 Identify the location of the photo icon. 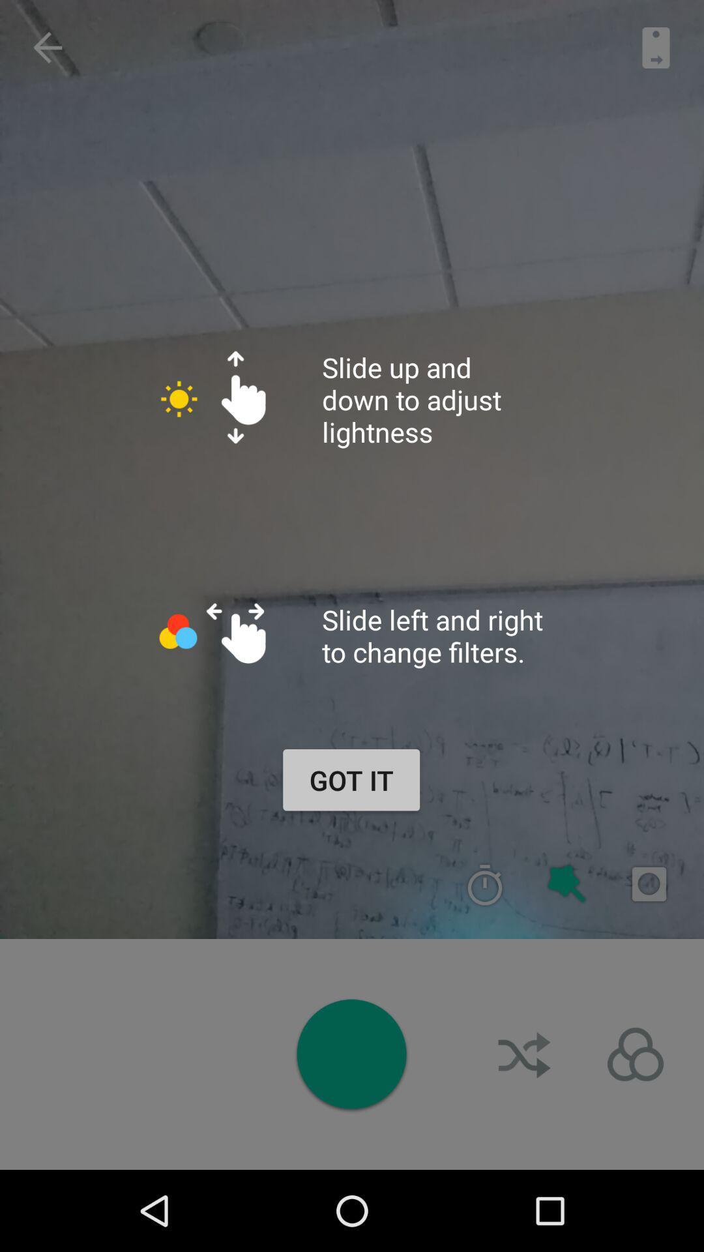
(649, 884).